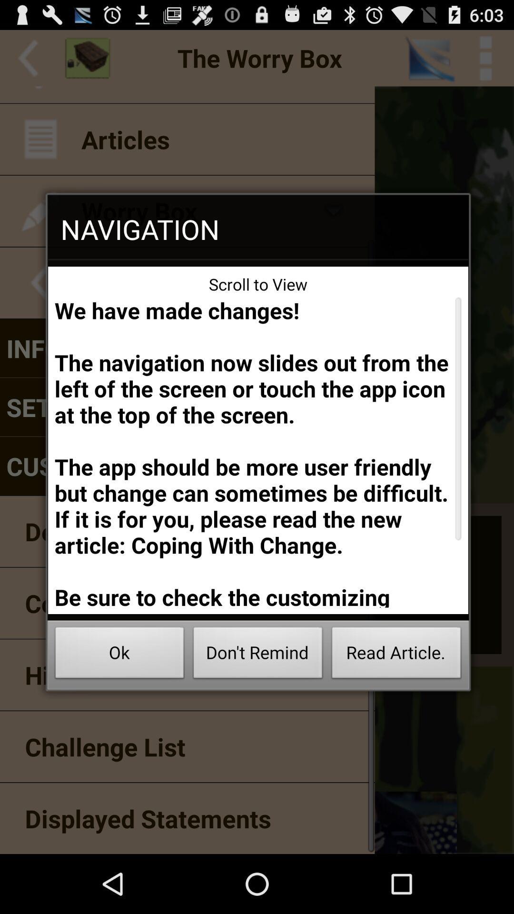 This screenshot has width=514, height=914. What do you see at coordinates (396, 655) in the screenshot?
I see `the read article. icon` at bounding box center [396, 655].